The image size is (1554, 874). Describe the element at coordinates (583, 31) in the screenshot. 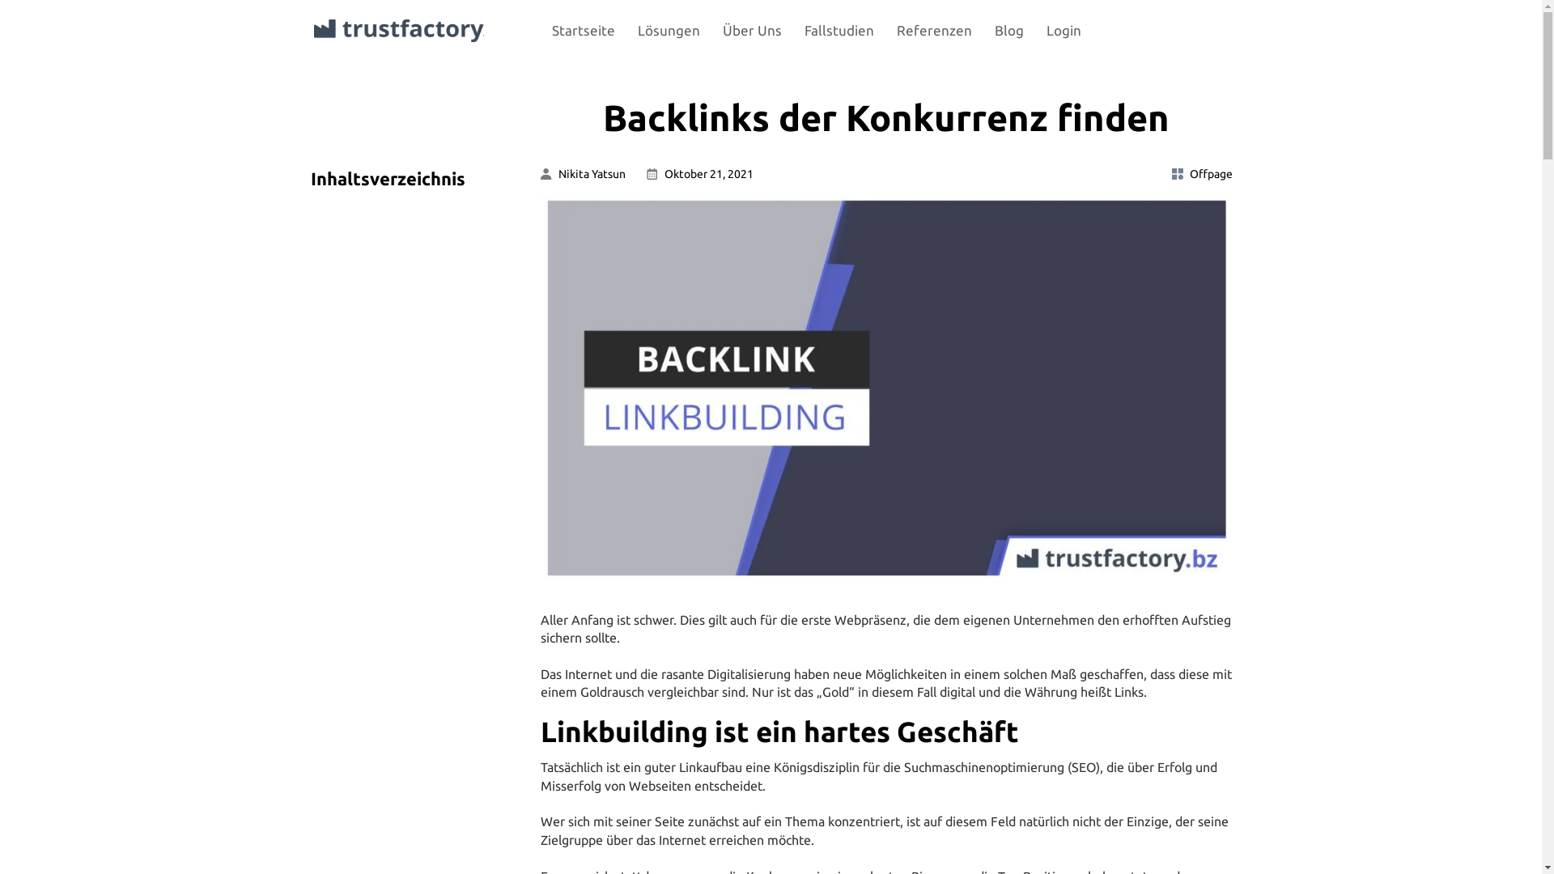

I see `'Startseite'` at that location.